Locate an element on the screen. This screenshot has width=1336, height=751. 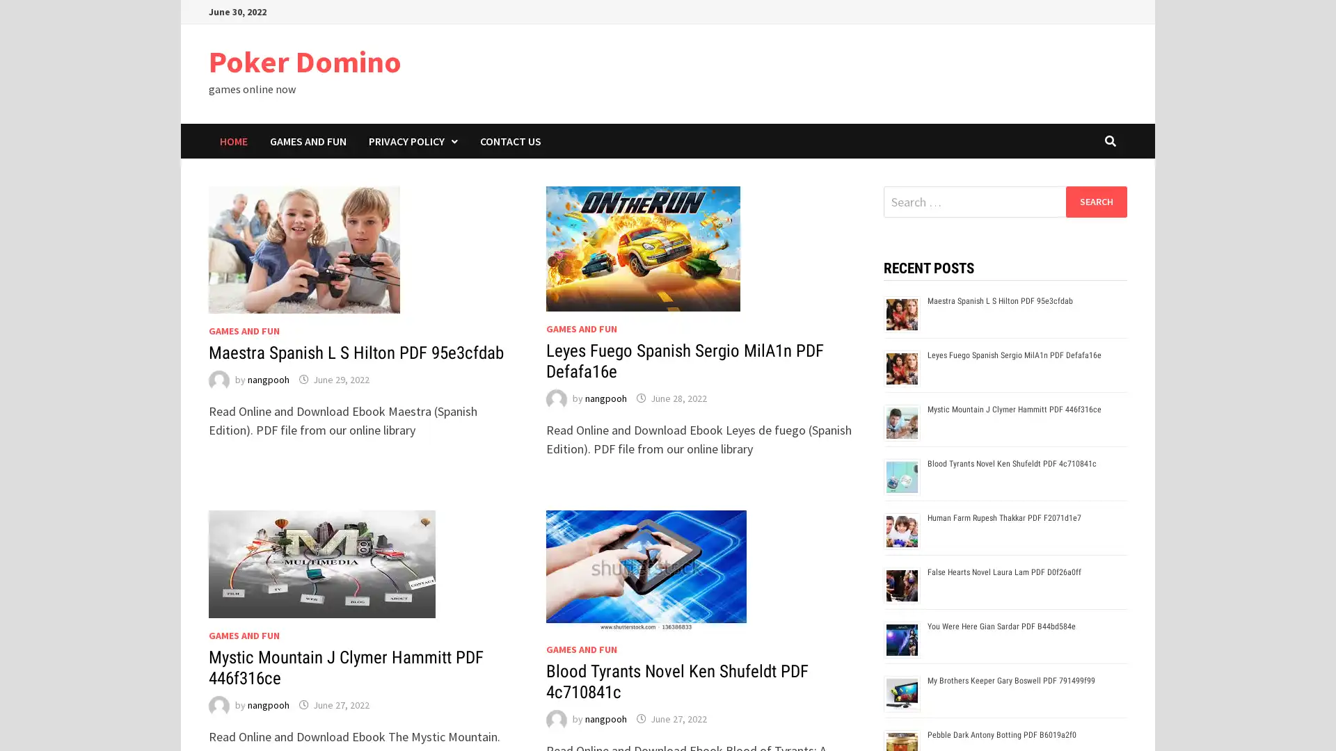
Search is located at coordinates (1095, 201).